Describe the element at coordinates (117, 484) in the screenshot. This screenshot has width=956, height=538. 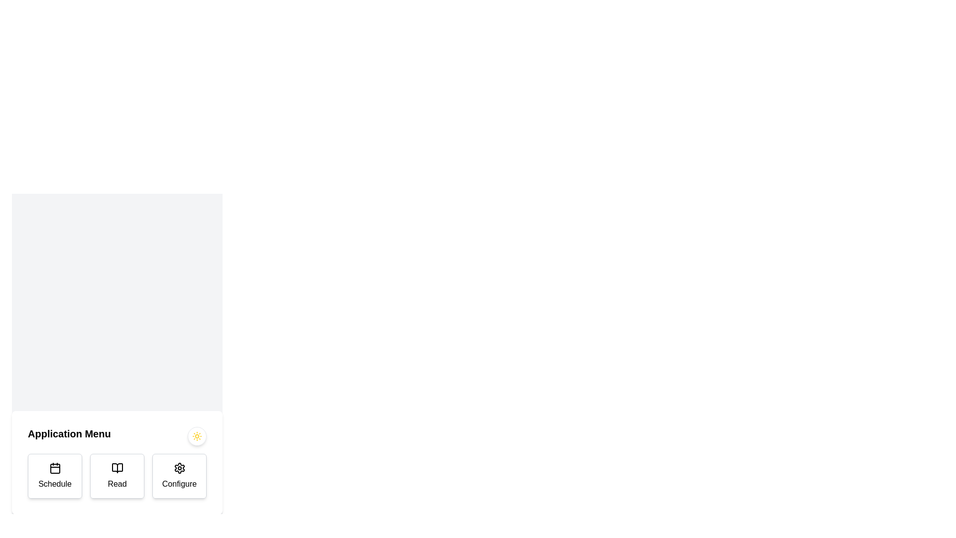
I see `'Read' text label, which is styled in black on a white background and is located within the second button of a three-button horizontal menu layout, for accessibility metadata` at that location.